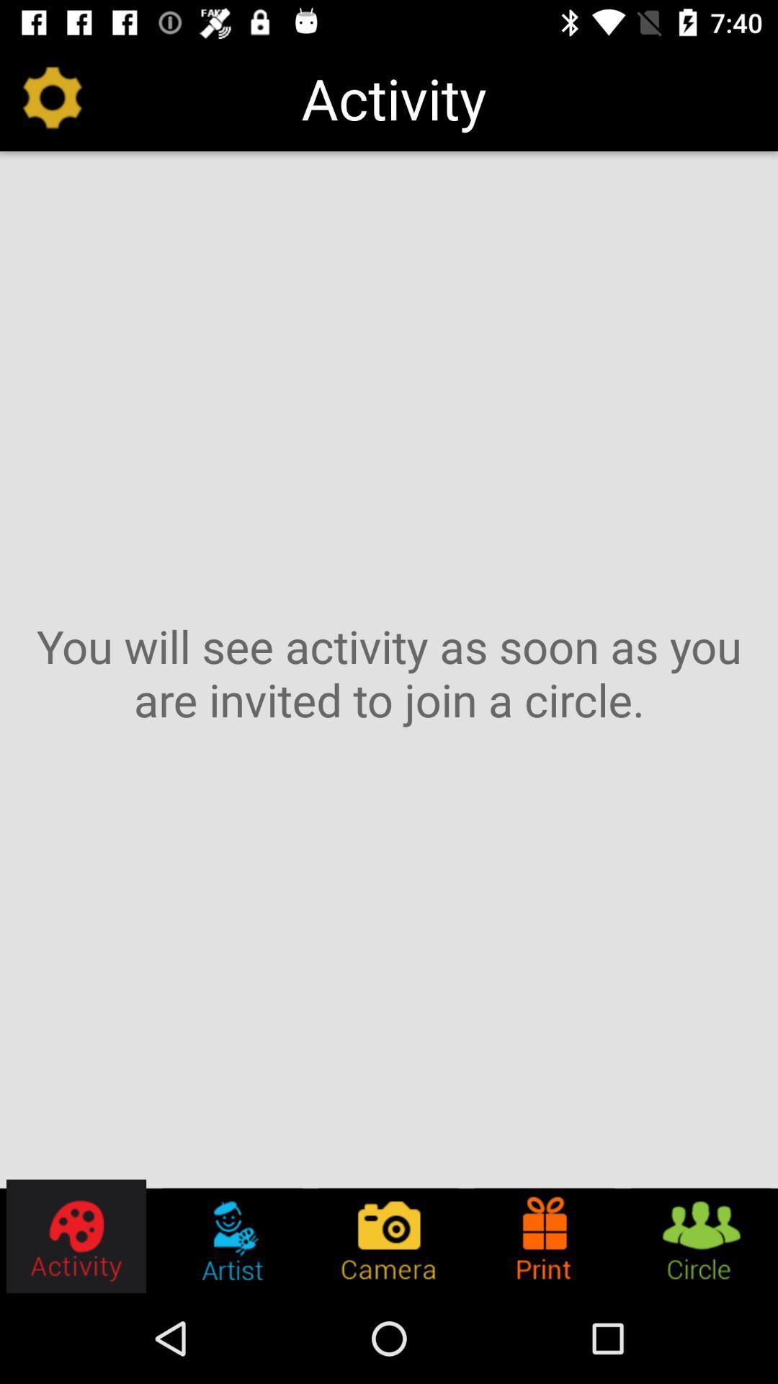 The image size is (778, 1384). Describe the element at coordinates (699, 1236) in the screenshot. I see `the group icon` at that location.